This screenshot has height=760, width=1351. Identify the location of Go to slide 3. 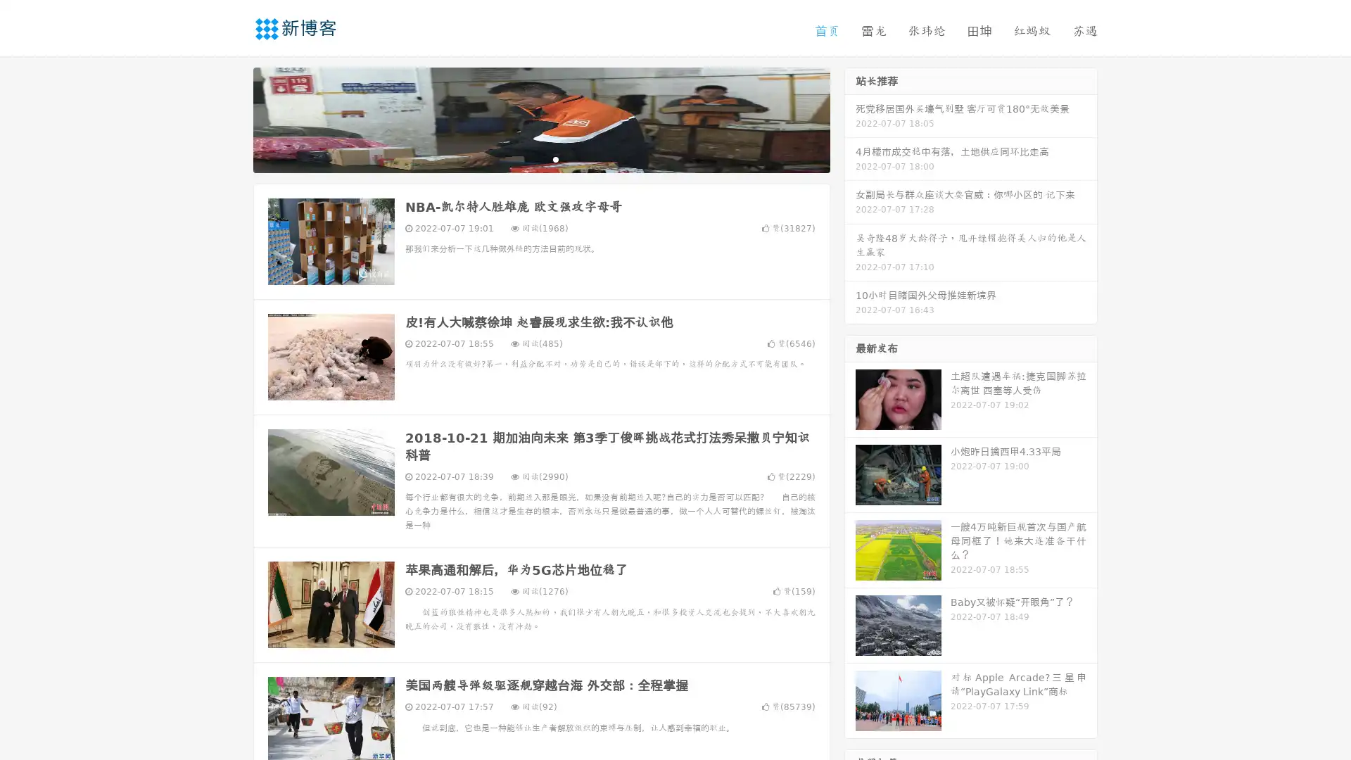
(555, 158).